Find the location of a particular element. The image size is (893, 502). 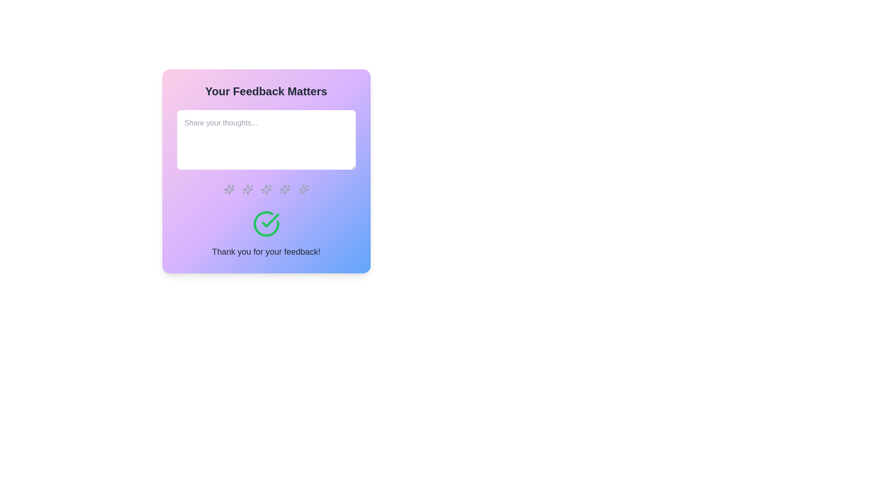

the bold header element displaying 'Your Feedback Matters', which is located at the top of a gradient background card is located at coordinates (266, 91).